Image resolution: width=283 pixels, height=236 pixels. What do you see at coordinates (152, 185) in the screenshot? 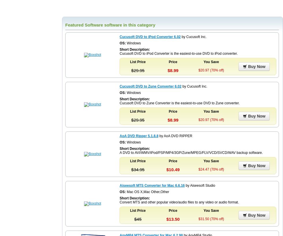
I see `'Aiseesoft MTS Converter for Mac 6.6.16'` at bounding box center [152, 185].